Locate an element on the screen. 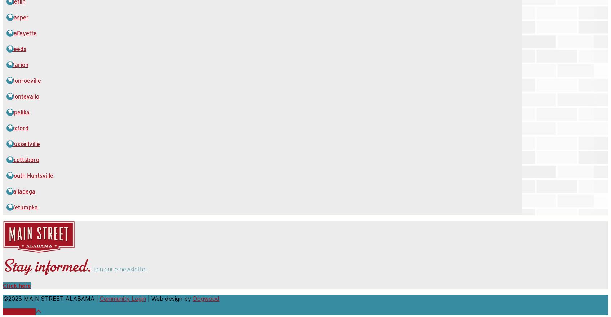 The image size is (611, 317). 'Scottsboro' is located at coordinates (24, 160).